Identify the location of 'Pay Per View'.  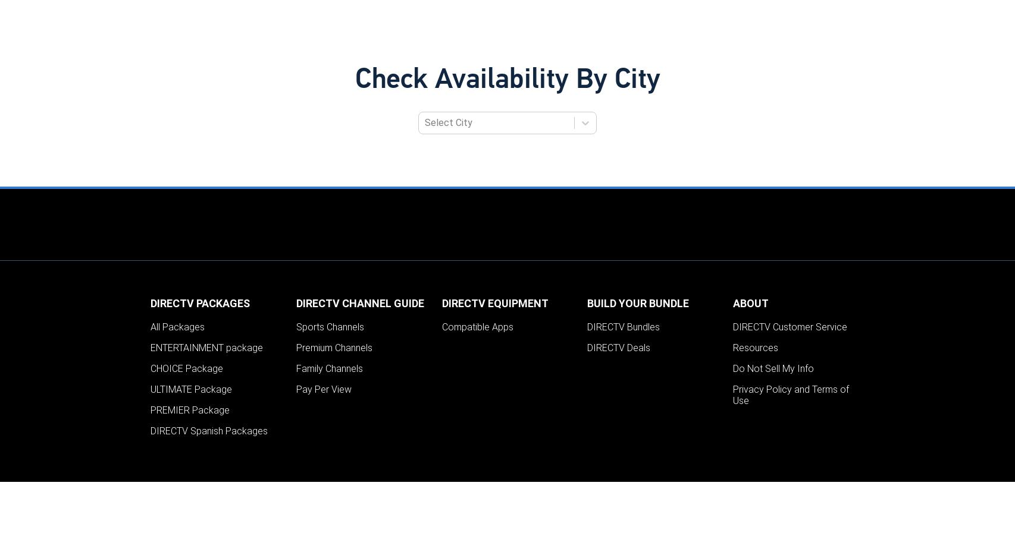
(322, 389).